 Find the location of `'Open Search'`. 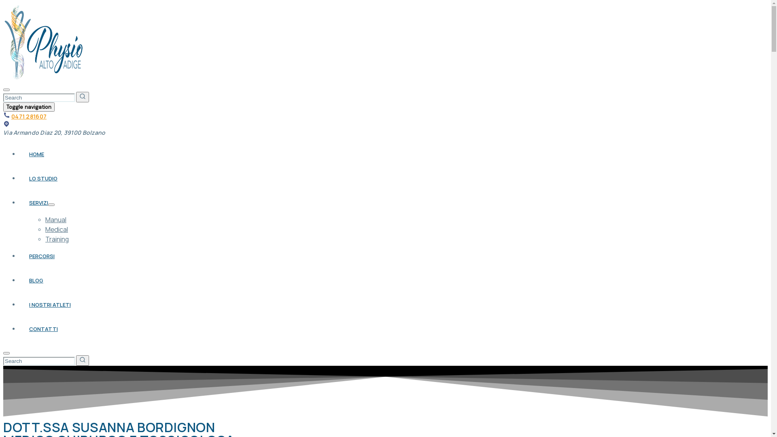

'Open Search' is located at coordinates (3, 352).